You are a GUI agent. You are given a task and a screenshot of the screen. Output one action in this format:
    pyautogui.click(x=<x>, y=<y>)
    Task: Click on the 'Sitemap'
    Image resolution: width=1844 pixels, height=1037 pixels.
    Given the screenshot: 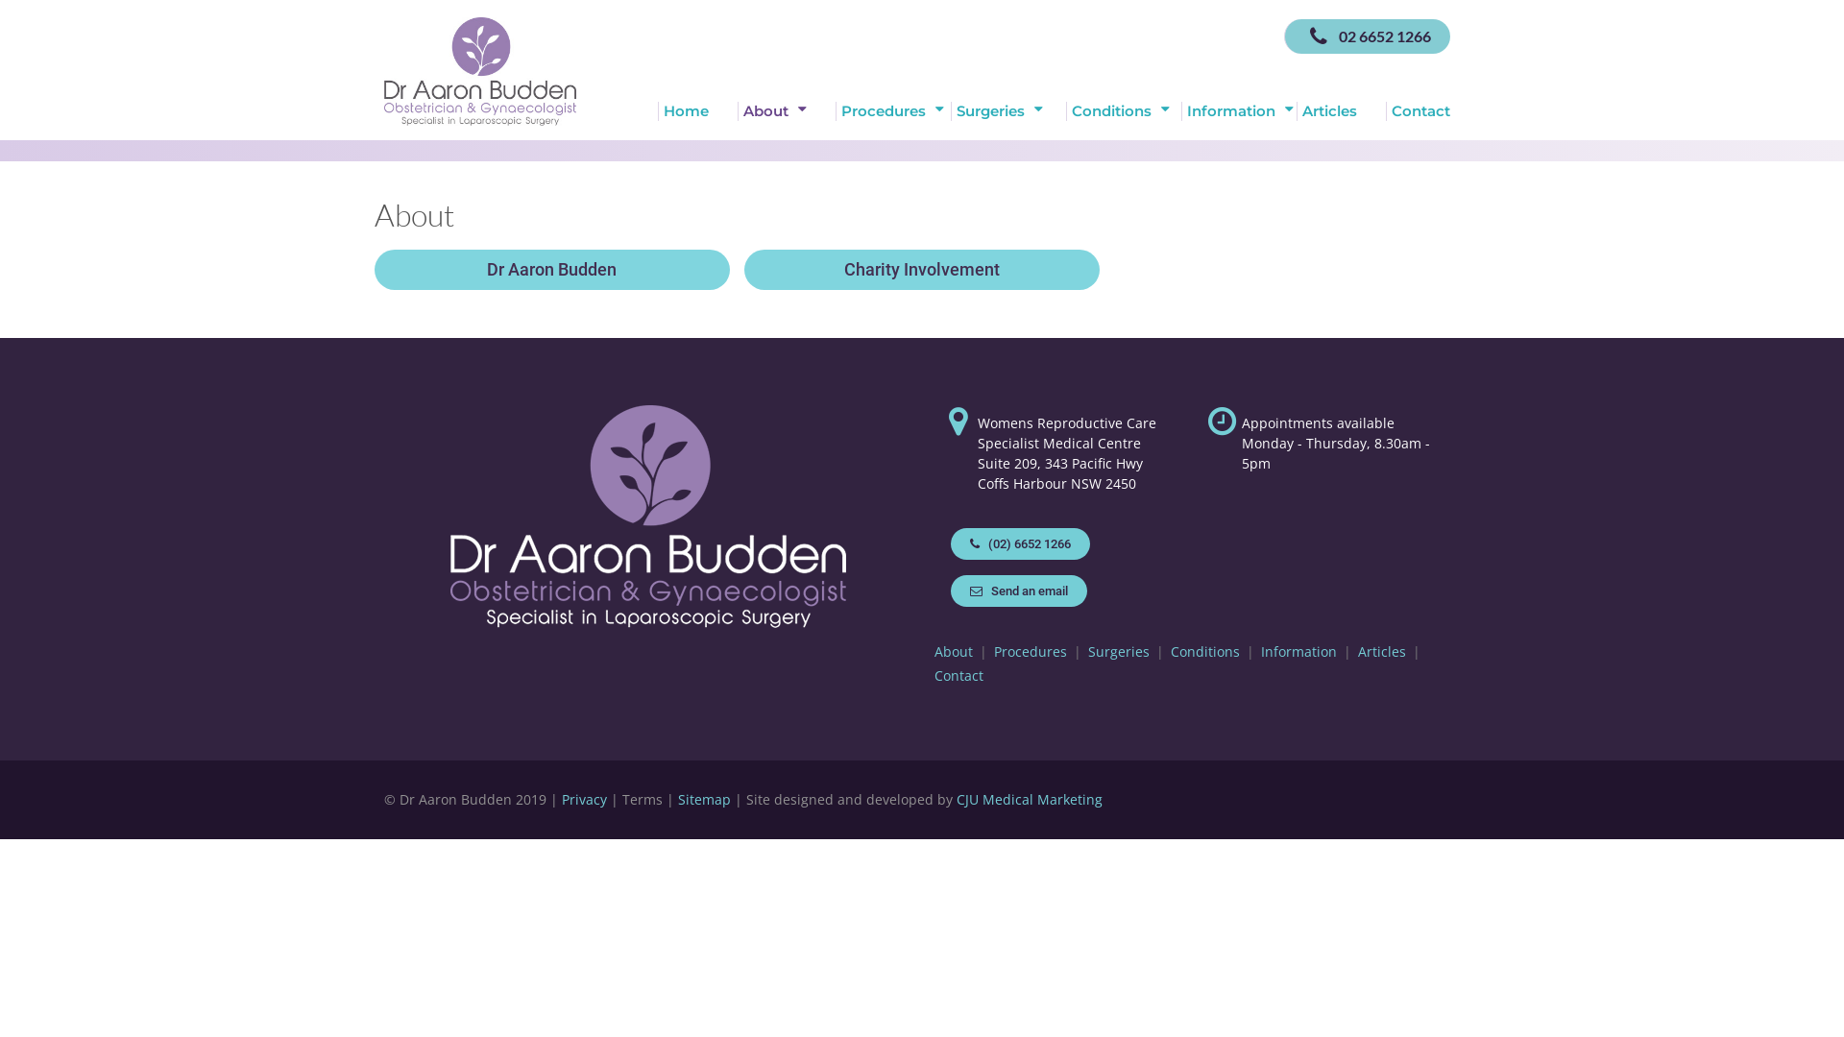 What is the action you would take?
    pyautogui.click(x=703, y=799)
    